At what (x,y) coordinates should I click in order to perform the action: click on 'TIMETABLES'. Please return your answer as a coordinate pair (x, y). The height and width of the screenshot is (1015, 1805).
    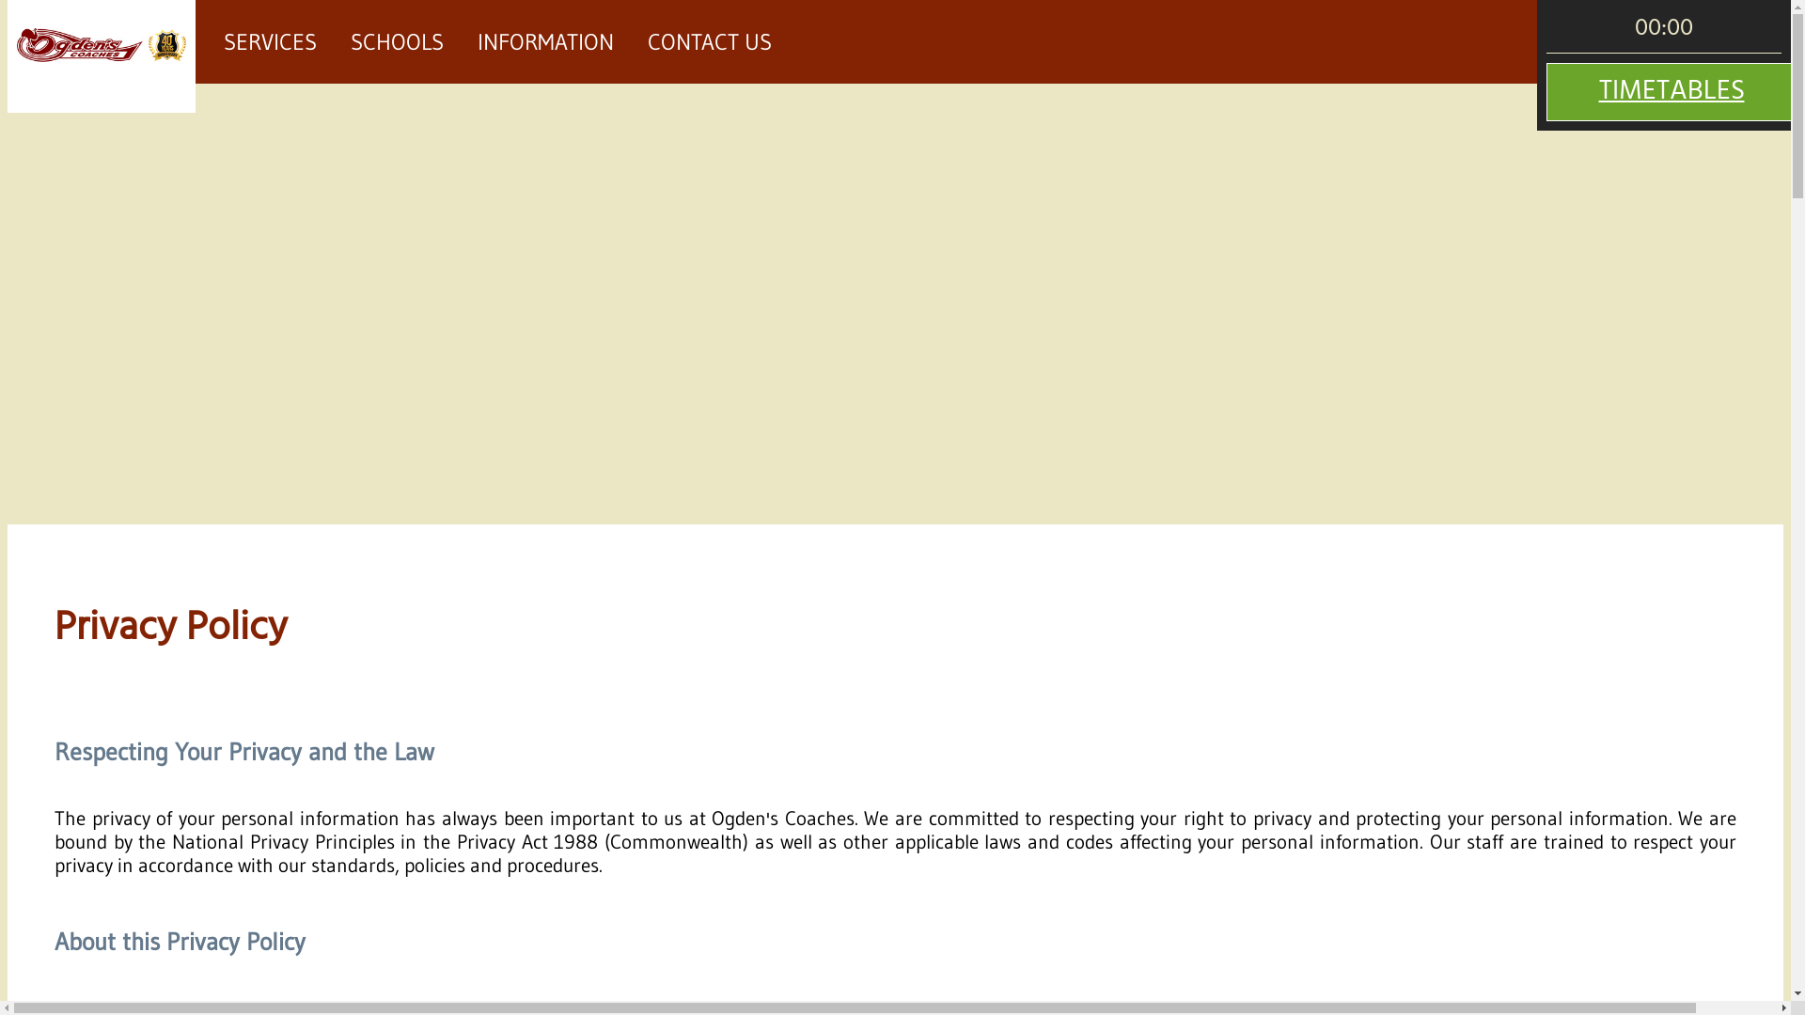
    Looking at the image, I should click on (1671, 91).